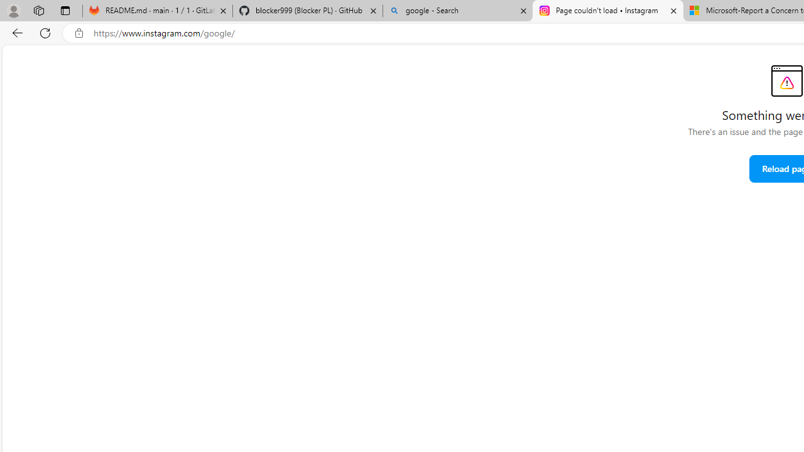 The image size is (804, 452). What do you see at coordinates (15, 32) in the screenshot?
I see `'Back'` at bounding box center [15, 32].